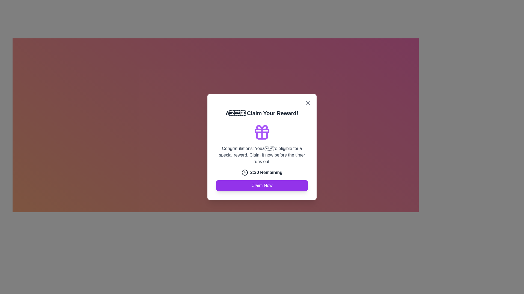 This screenshot has height=294, width=524. What do you see at coordinates (262, 113) in the screenshot?
I see `text of the heading label located at the top of the modal, which serves to provide context for the modal's content` at bounding box center [262, 113].